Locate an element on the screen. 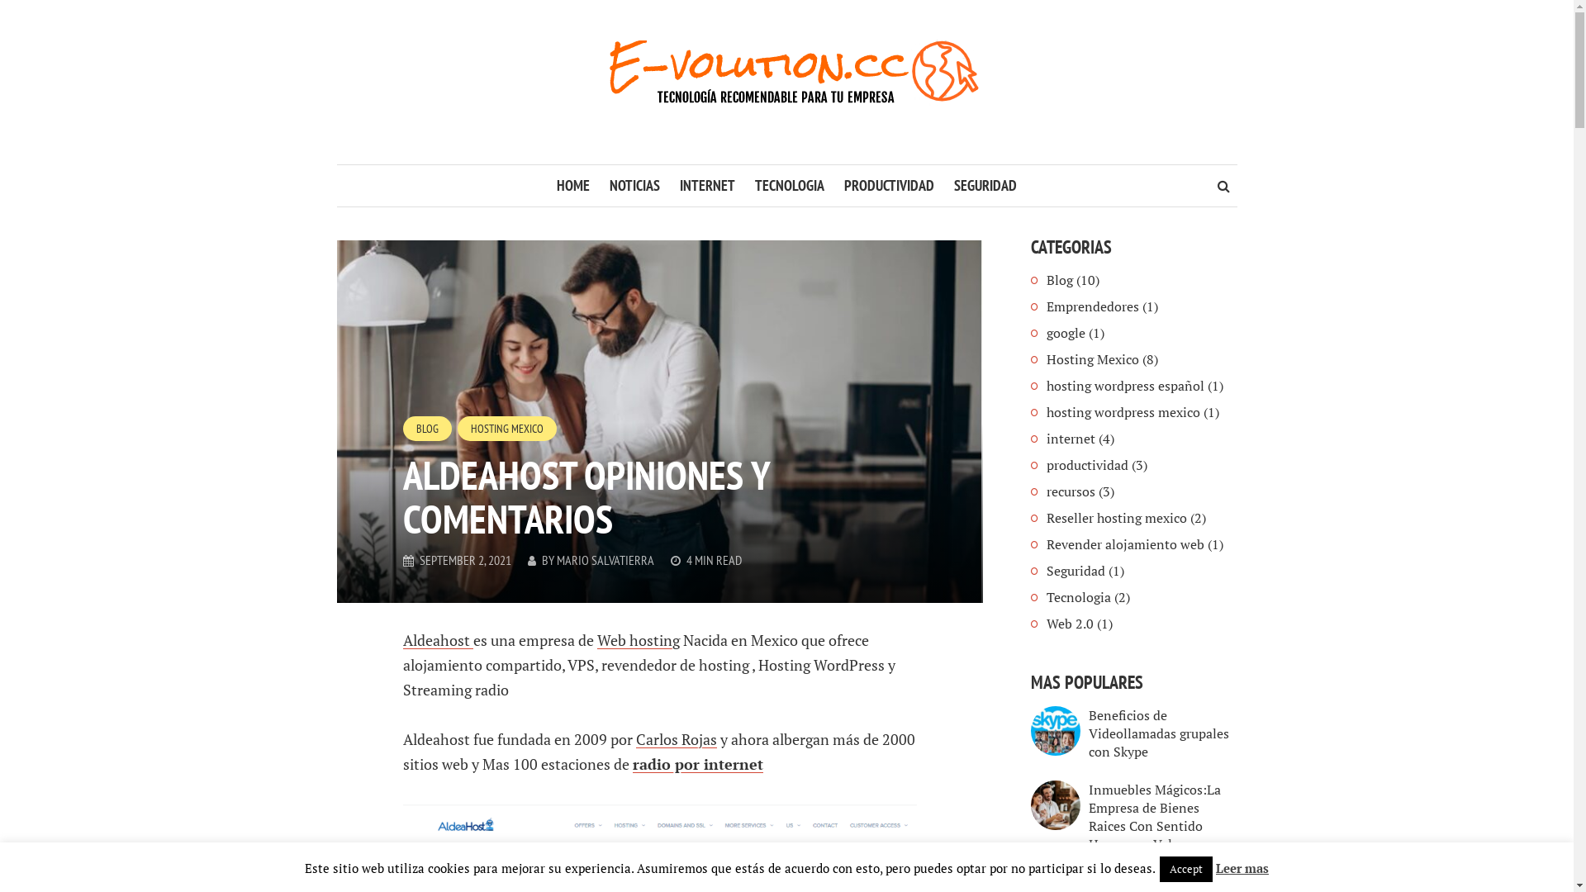 The image size is (1586, 892). 'Tecnologia' is located at coordinates (1078, 596).